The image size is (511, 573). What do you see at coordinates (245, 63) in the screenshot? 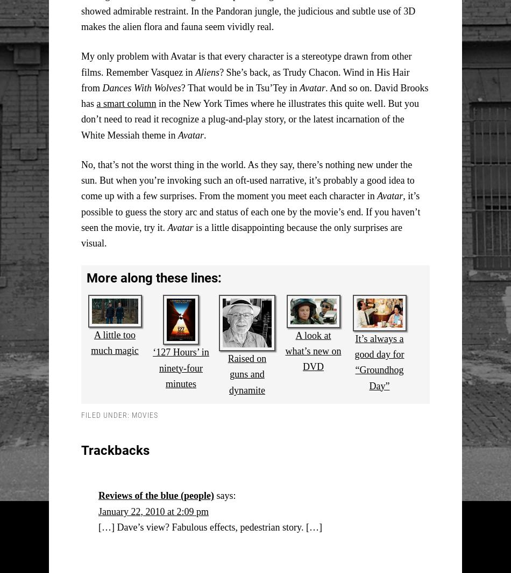
I see `'My only problem with Avatar is that every character is a stereotype drawn from other films. Remember Vasquez in'` at bounding box center [245, 63].